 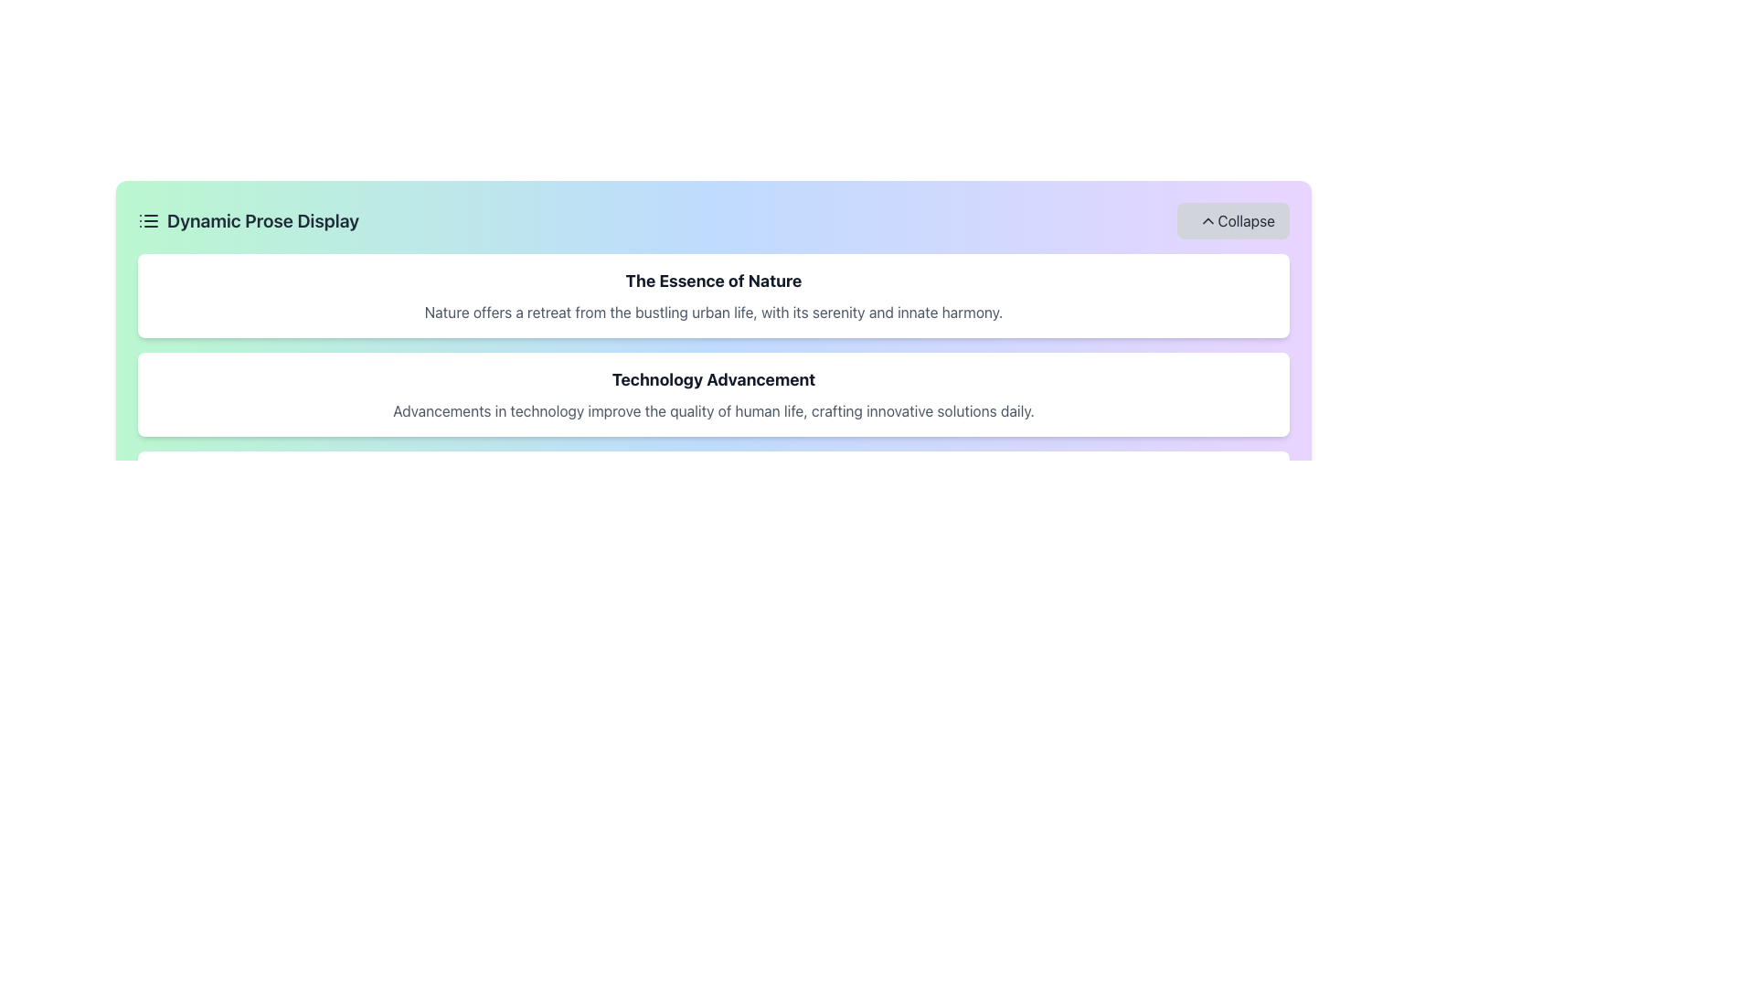 What do you see at coordinates (713, 312) in the screenshot?
I see `descriptive text segment that elaborates on the title 'The Essence of Nature', located within a white card below the heading` at bounding box center [713, 312].